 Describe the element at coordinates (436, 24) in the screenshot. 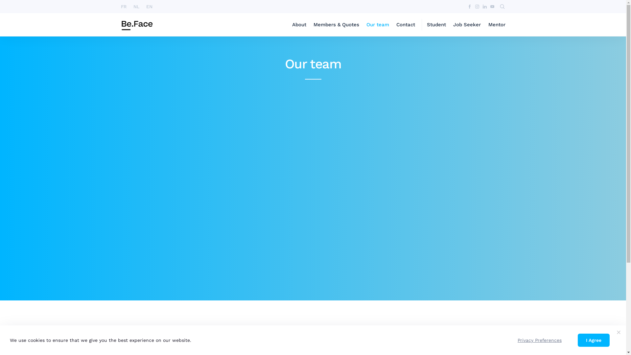

I see `'Student'` at that location.